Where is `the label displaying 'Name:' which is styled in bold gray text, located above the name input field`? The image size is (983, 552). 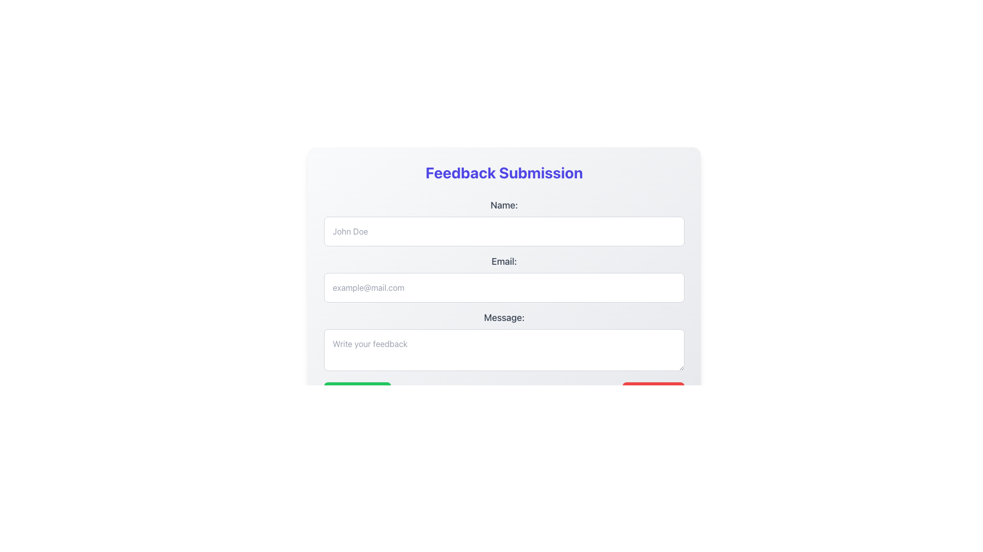 the label displaying 'Name:' which is styled in bold gray text, located above the name input field is located at coordinates (504, 205).